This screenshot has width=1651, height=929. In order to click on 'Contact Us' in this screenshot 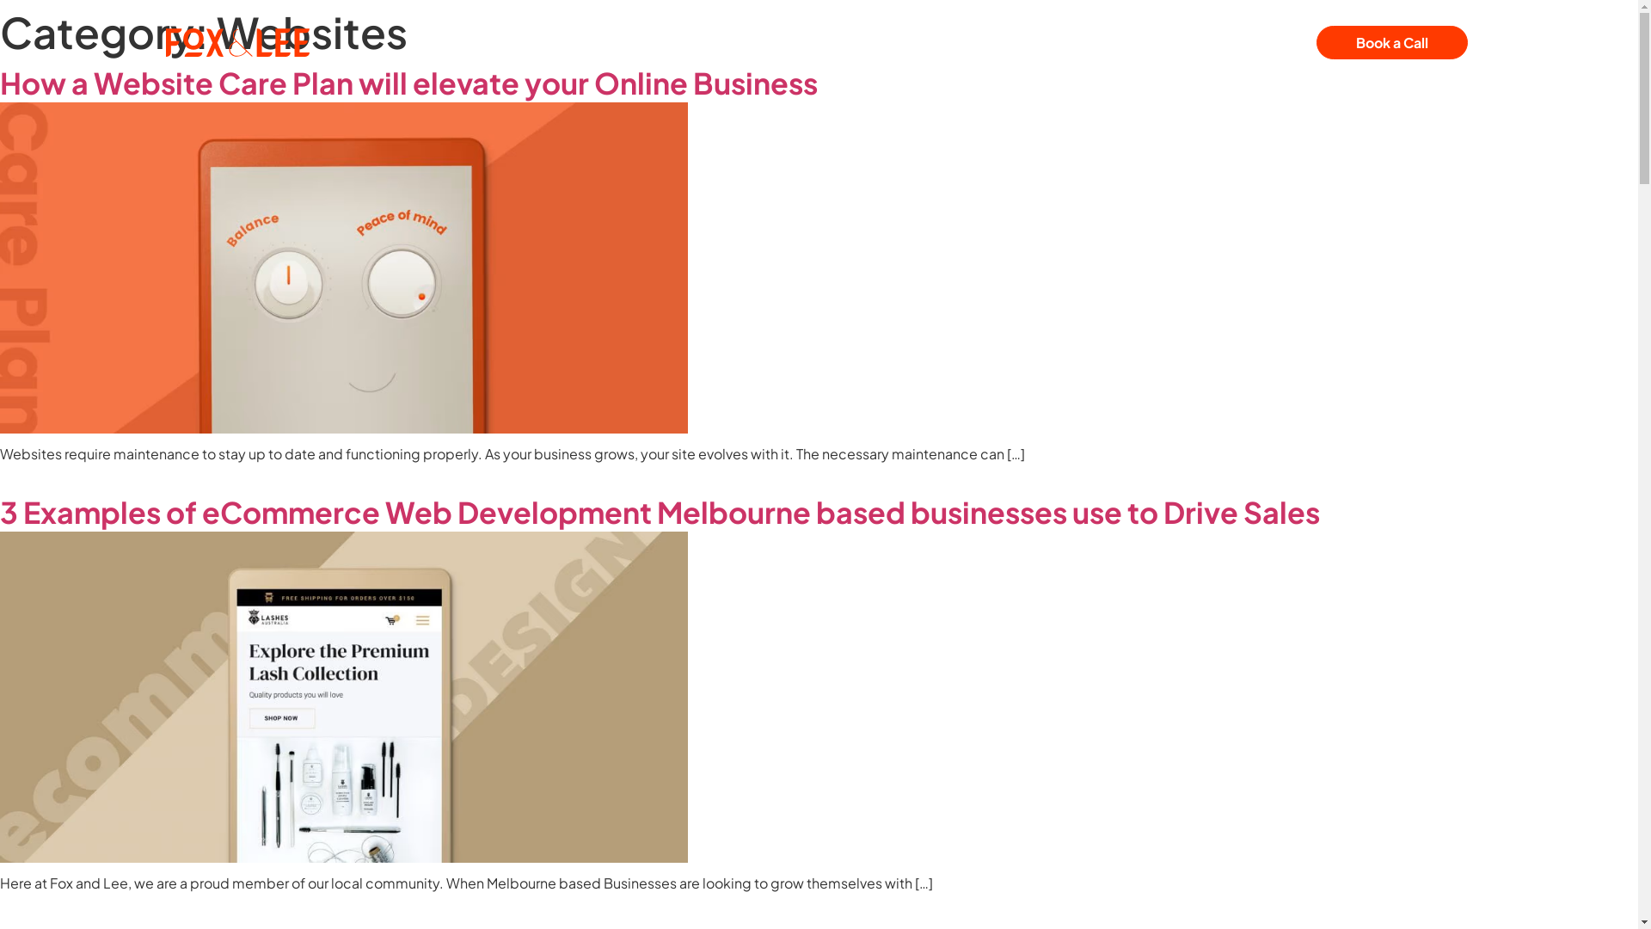, I will do `click(1003, 41)`.